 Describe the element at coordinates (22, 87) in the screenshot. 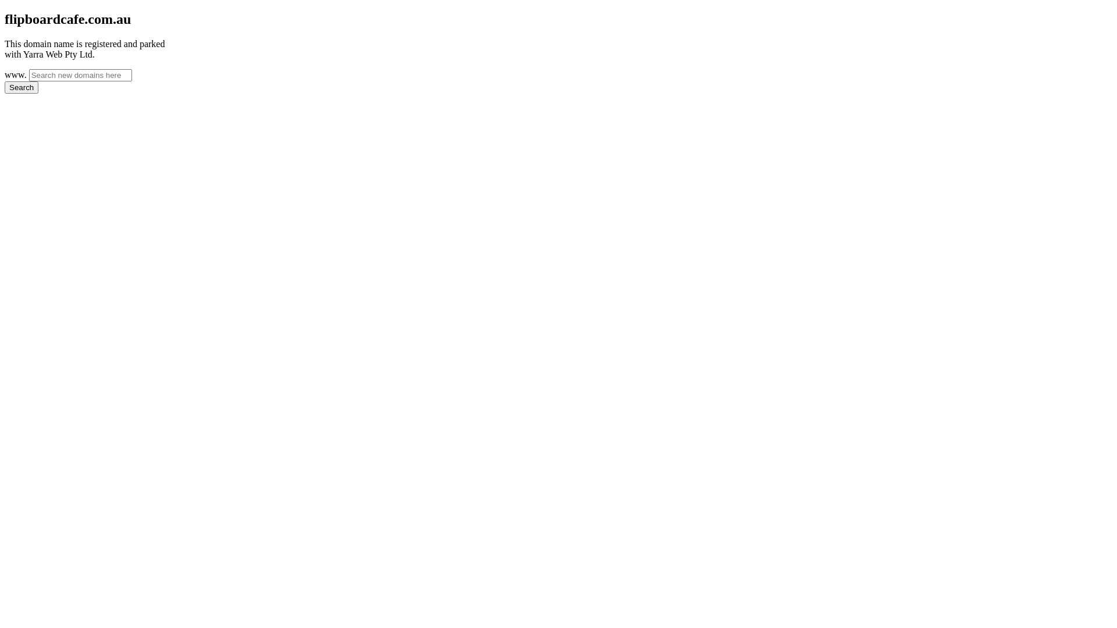

I see `'Search'` at that location.